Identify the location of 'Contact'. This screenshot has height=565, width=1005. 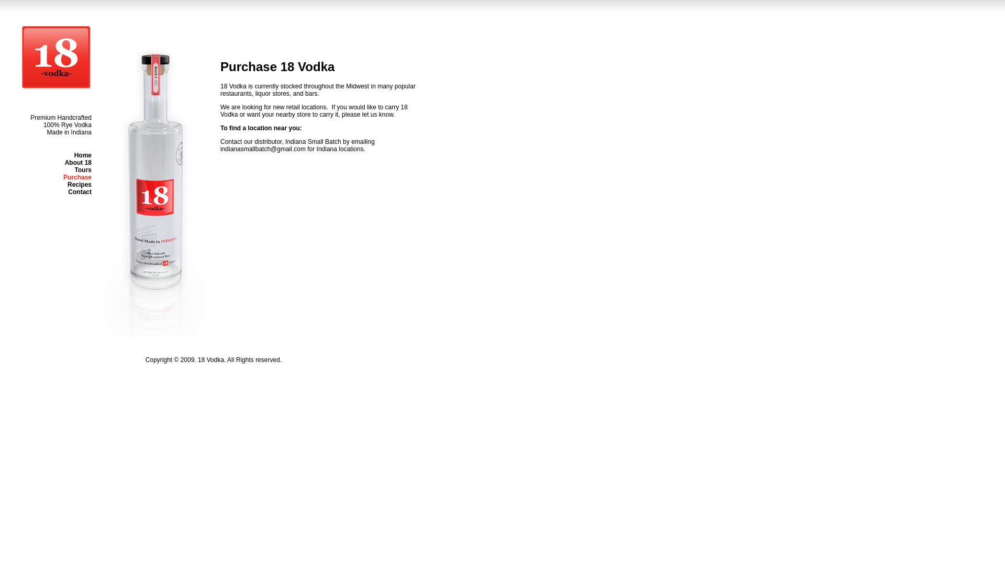
(79, 191).